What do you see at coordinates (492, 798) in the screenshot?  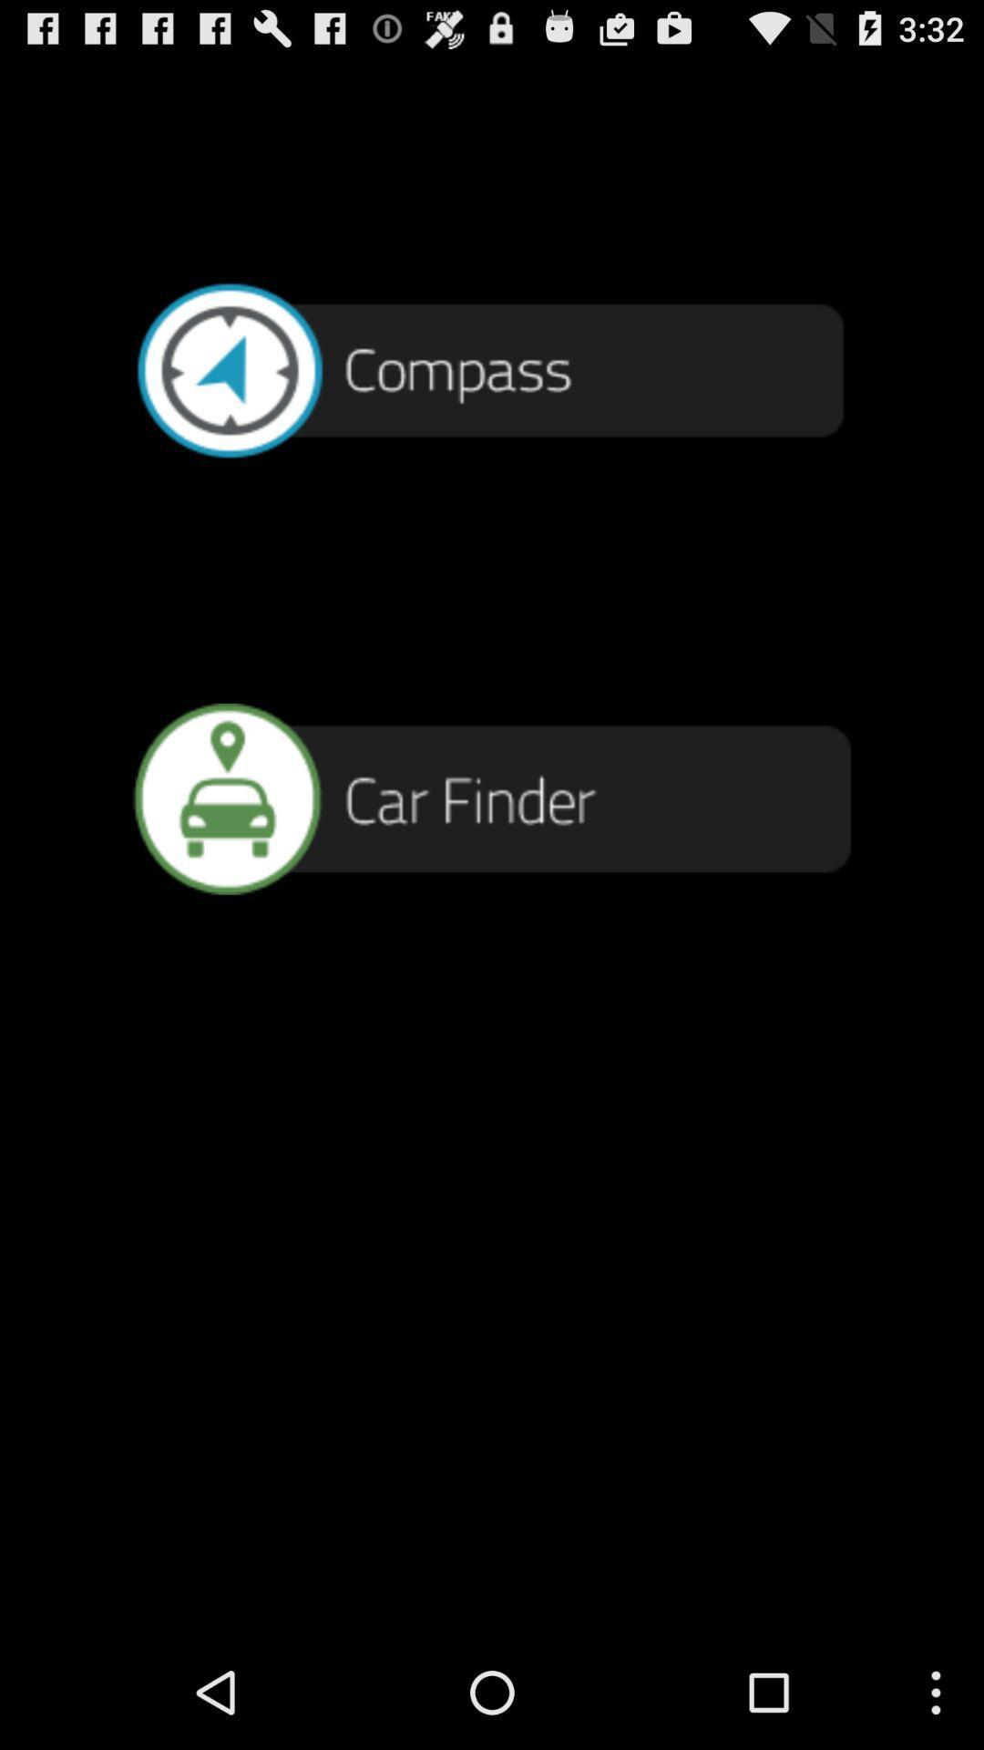 I see `car finder` at bounding box center [492, 798].